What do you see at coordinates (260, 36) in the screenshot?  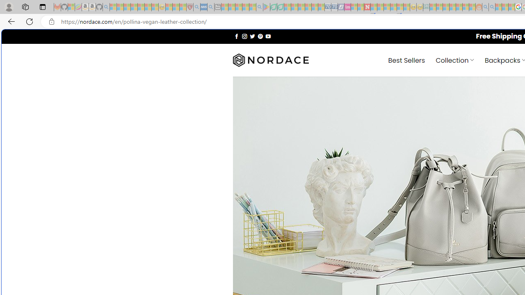 I see `'Follow on Pinterest'` at bounding box center [260, 36].